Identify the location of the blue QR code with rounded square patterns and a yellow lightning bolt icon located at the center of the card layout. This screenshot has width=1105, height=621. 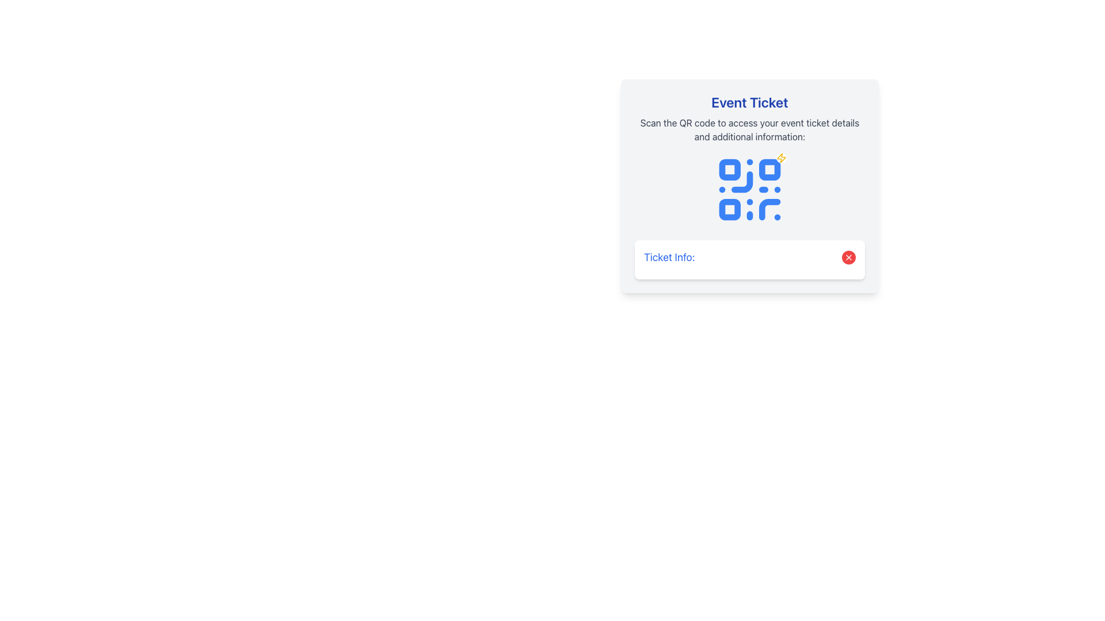
(749, 189).